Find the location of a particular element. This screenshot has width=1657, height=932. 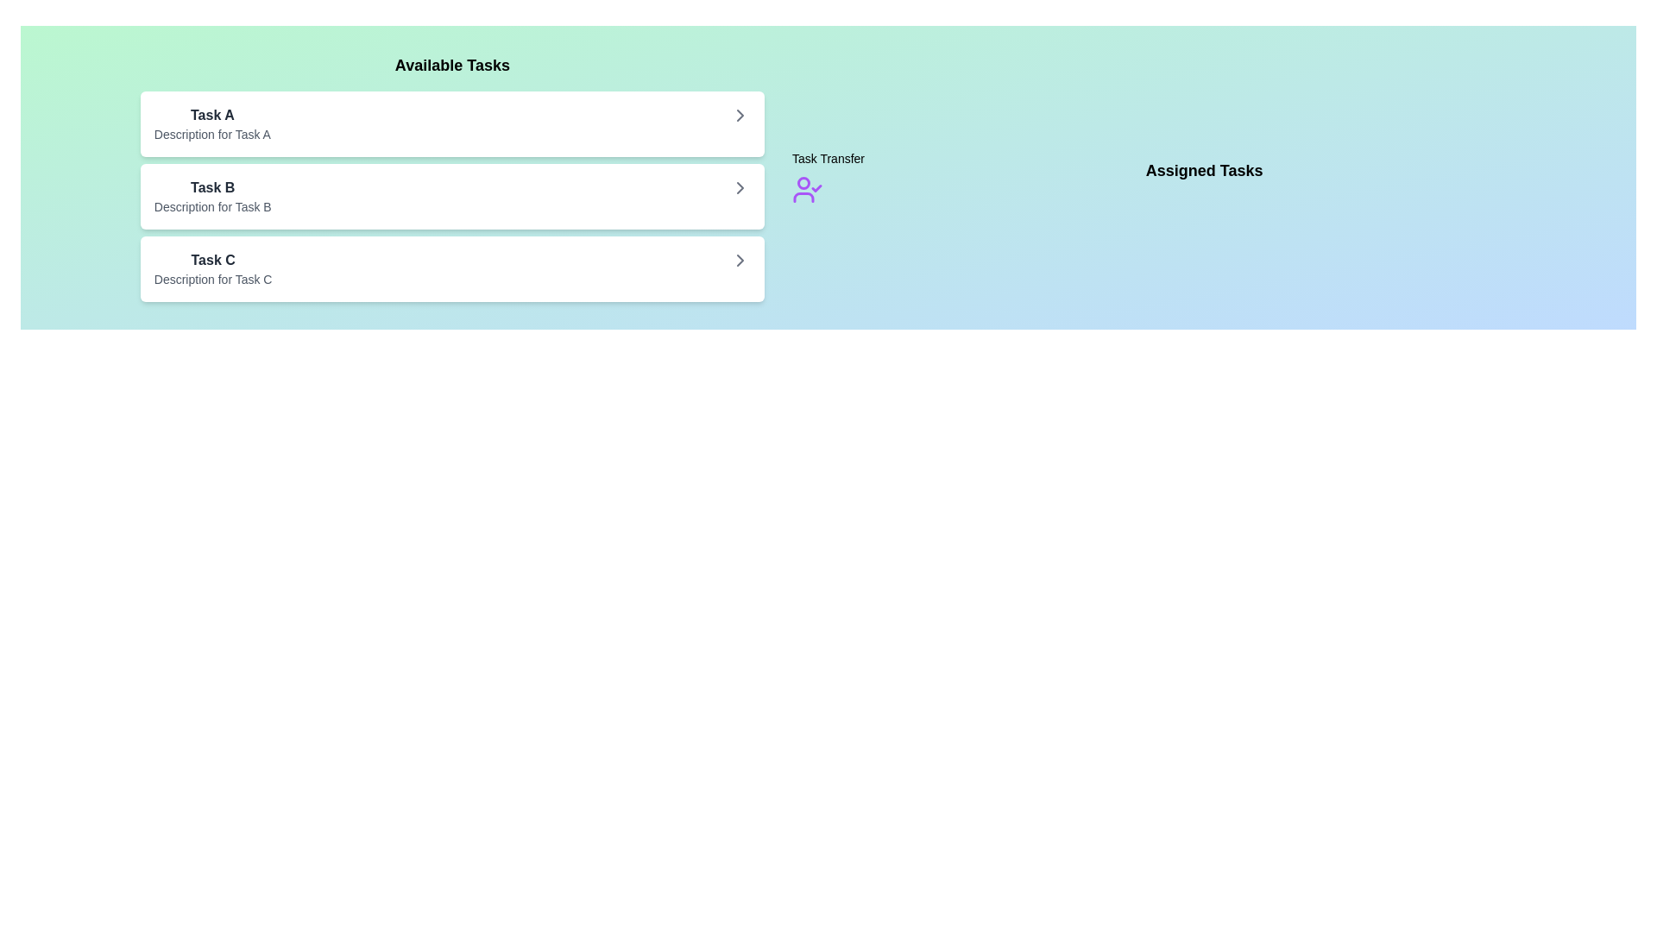

the task item Task C in the list is located at coordinates (452, 269).